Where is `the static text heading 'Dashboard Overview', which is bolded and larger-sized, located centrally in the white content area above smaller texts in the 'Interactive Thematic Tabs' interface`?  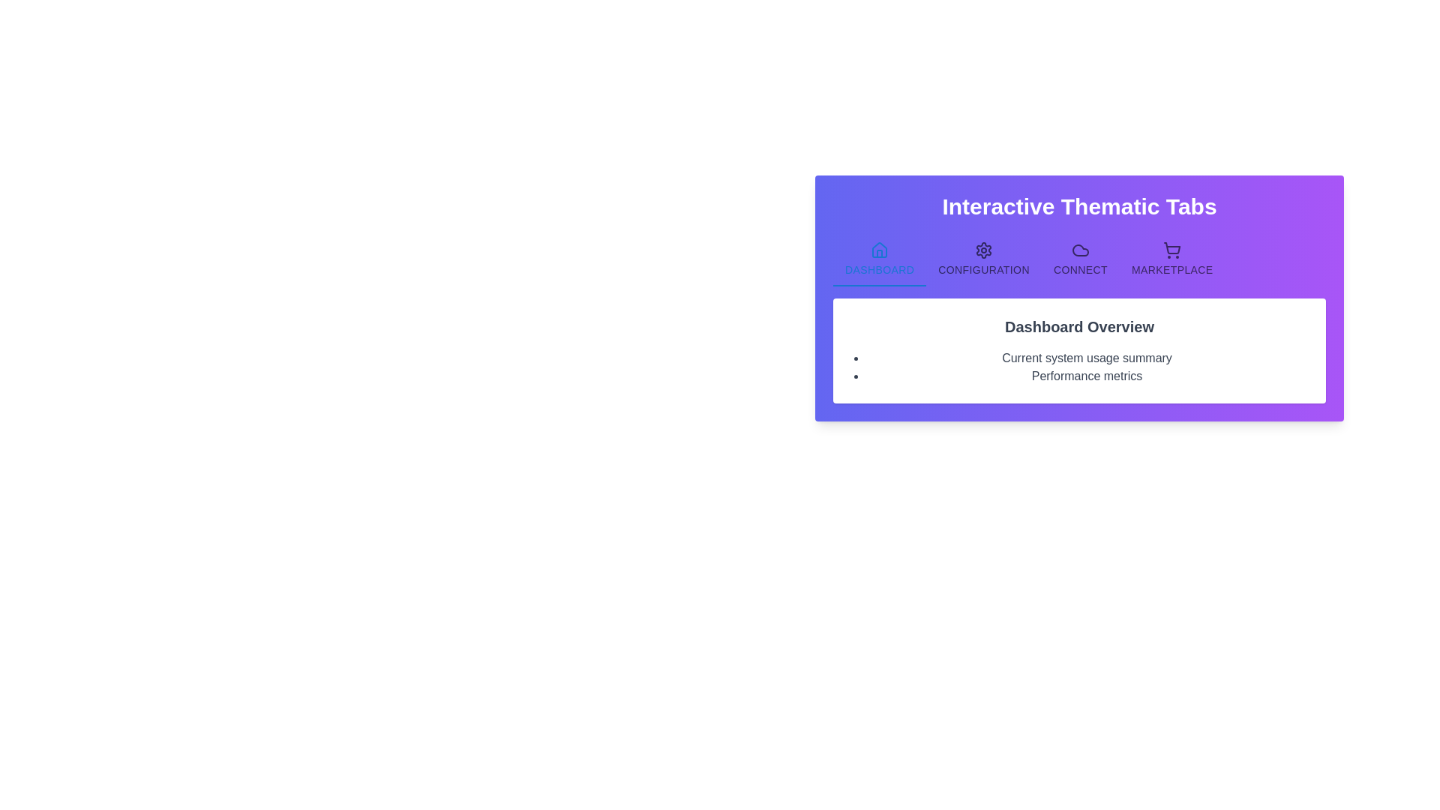
the static text heading 'Dashboard Overview', which is bolded and larger-sized, located centrally in the white content area above smaller texts in the 'Interactive Thematic Tabs' interface is located at coordinates (1078, 325).